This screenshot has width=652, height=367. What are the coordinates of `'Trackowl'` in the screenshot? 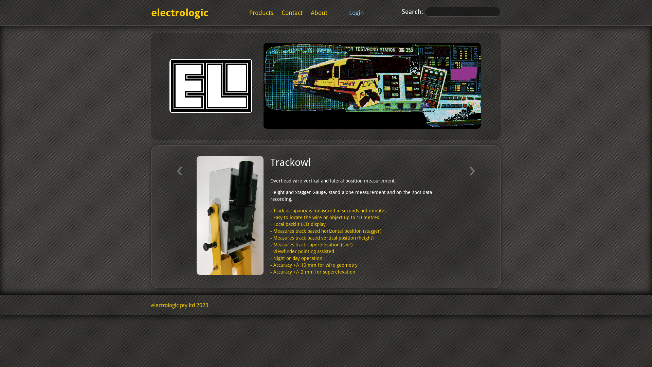 It's located at (290, 162).